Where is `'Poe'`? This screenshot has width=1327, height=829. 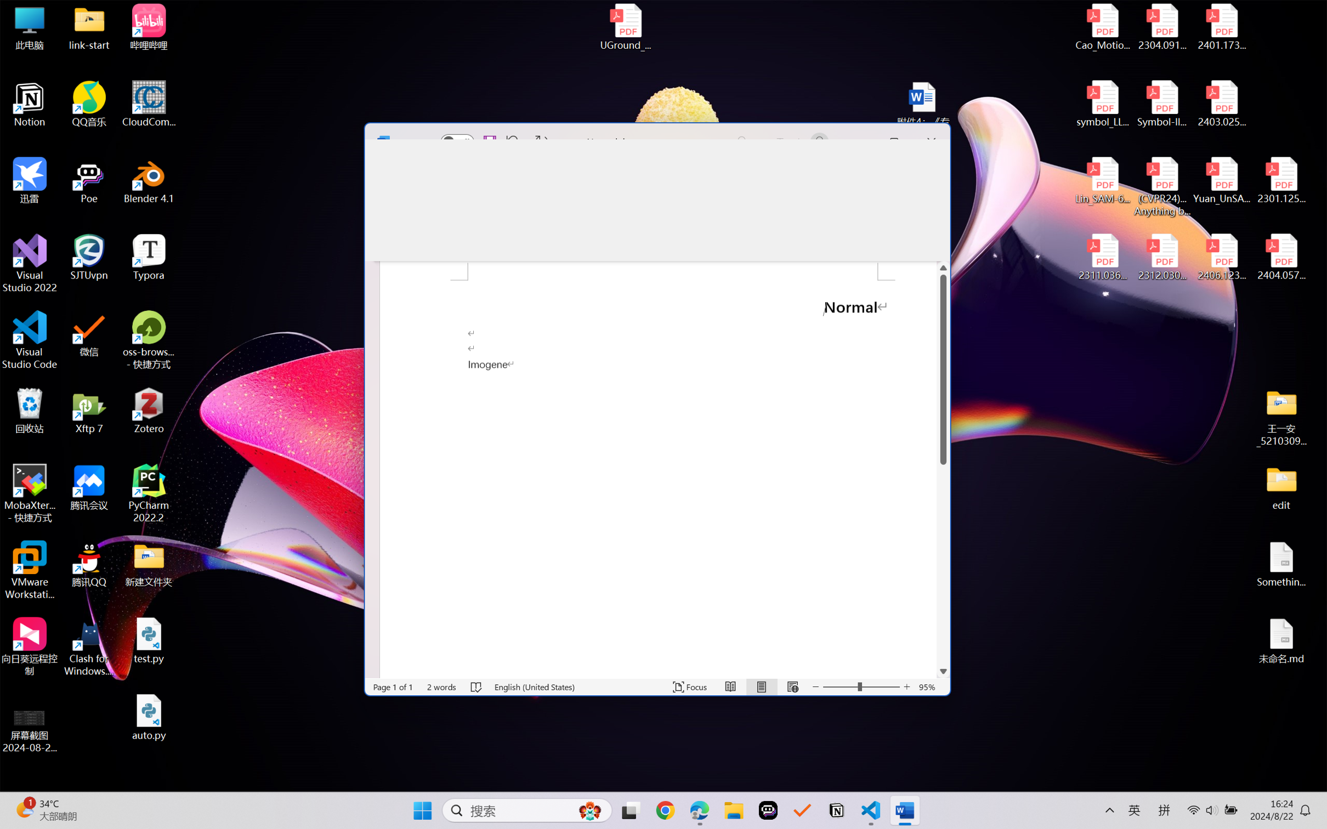
'Poe' is located at coordinates (89, 180).